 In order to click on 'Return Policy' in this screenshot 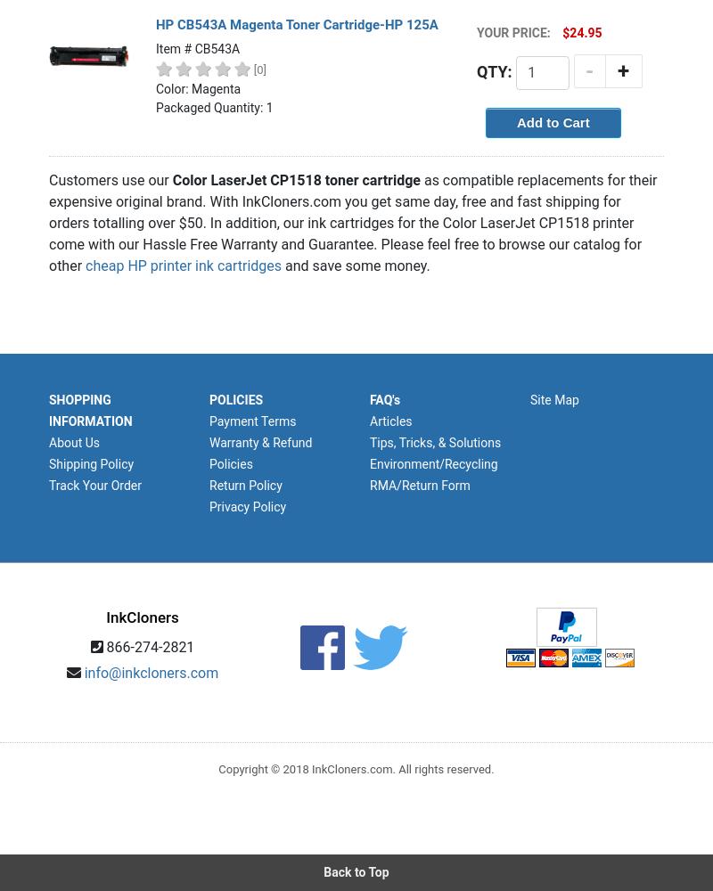, I will do `click(245, 486)`.